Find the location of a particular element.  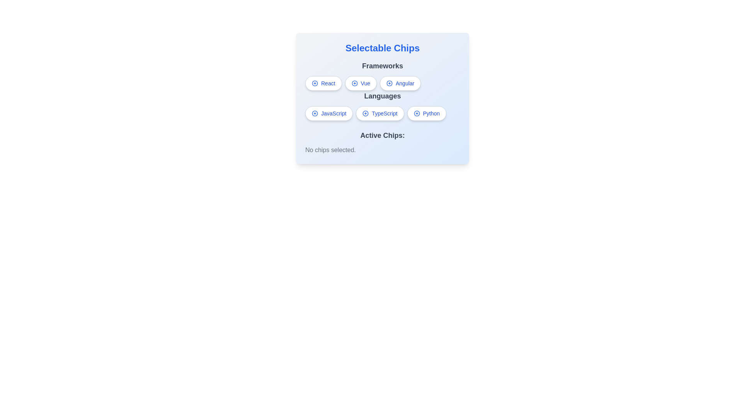

the 'Languages' chip group is located at coordinates (382, 105).